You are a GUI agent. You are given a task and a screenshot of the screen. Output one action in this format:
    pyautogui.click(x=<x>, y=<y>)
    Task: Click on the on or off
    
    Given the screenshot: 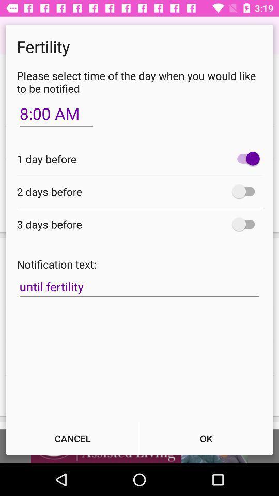 What is the action you would take?
    pyautogui.click(x=245, y=224)
    